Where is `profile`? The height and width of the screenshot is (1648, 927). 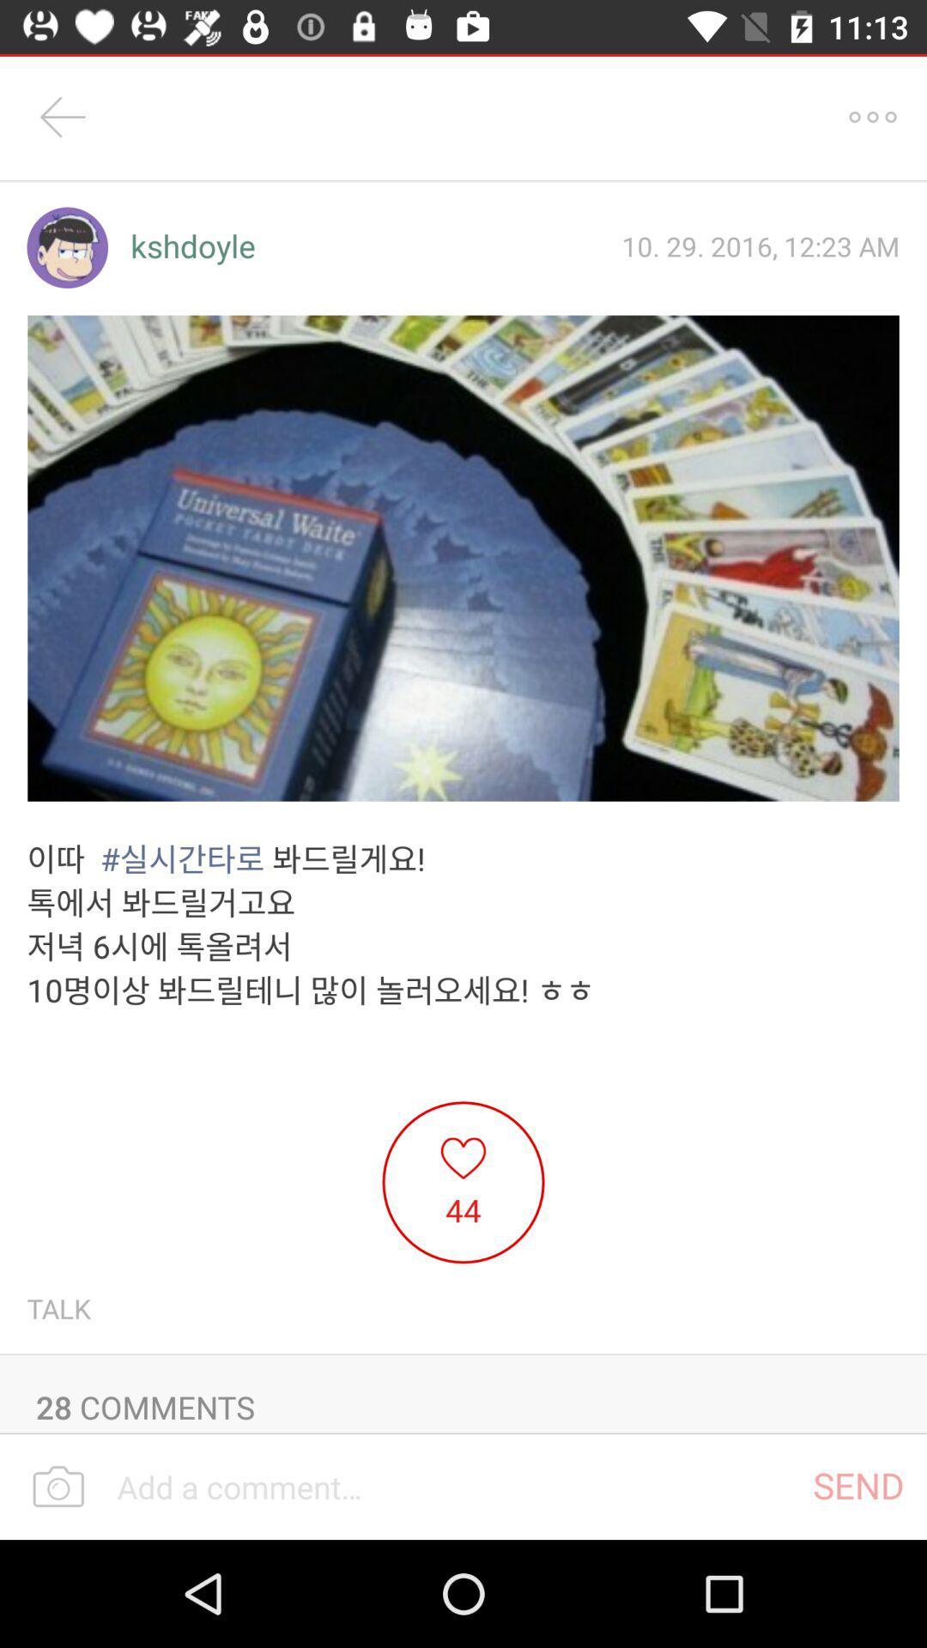 profile is located at coordinates (66, 246).